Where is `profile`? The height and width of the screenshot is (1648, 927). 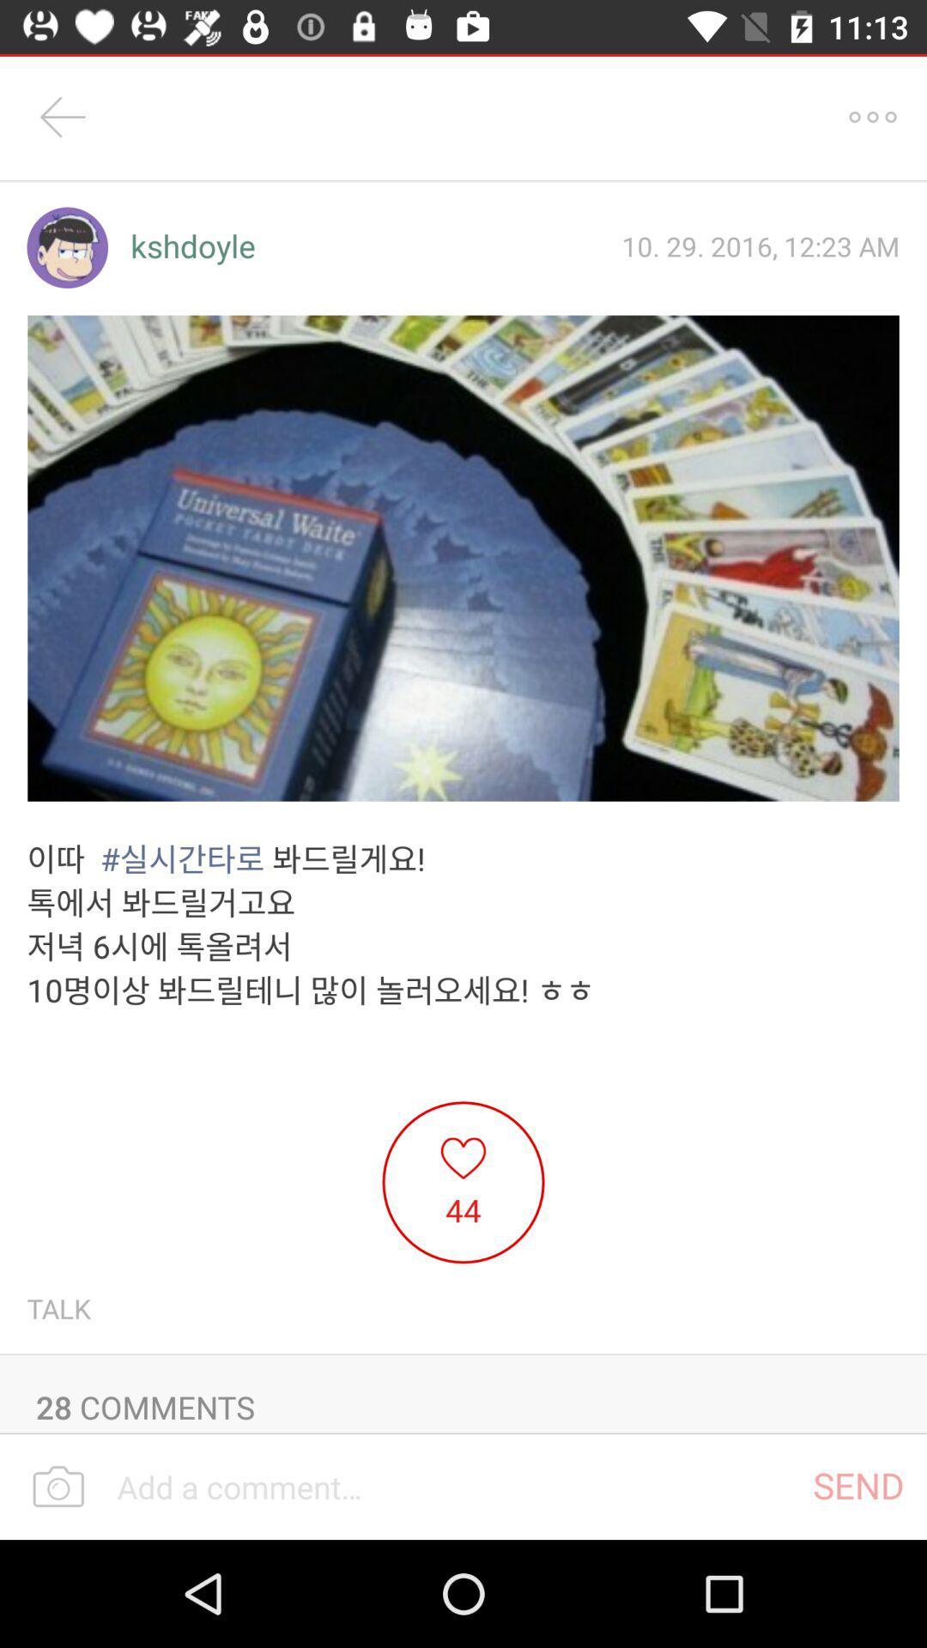 profile is located at coordinates (66, 246).